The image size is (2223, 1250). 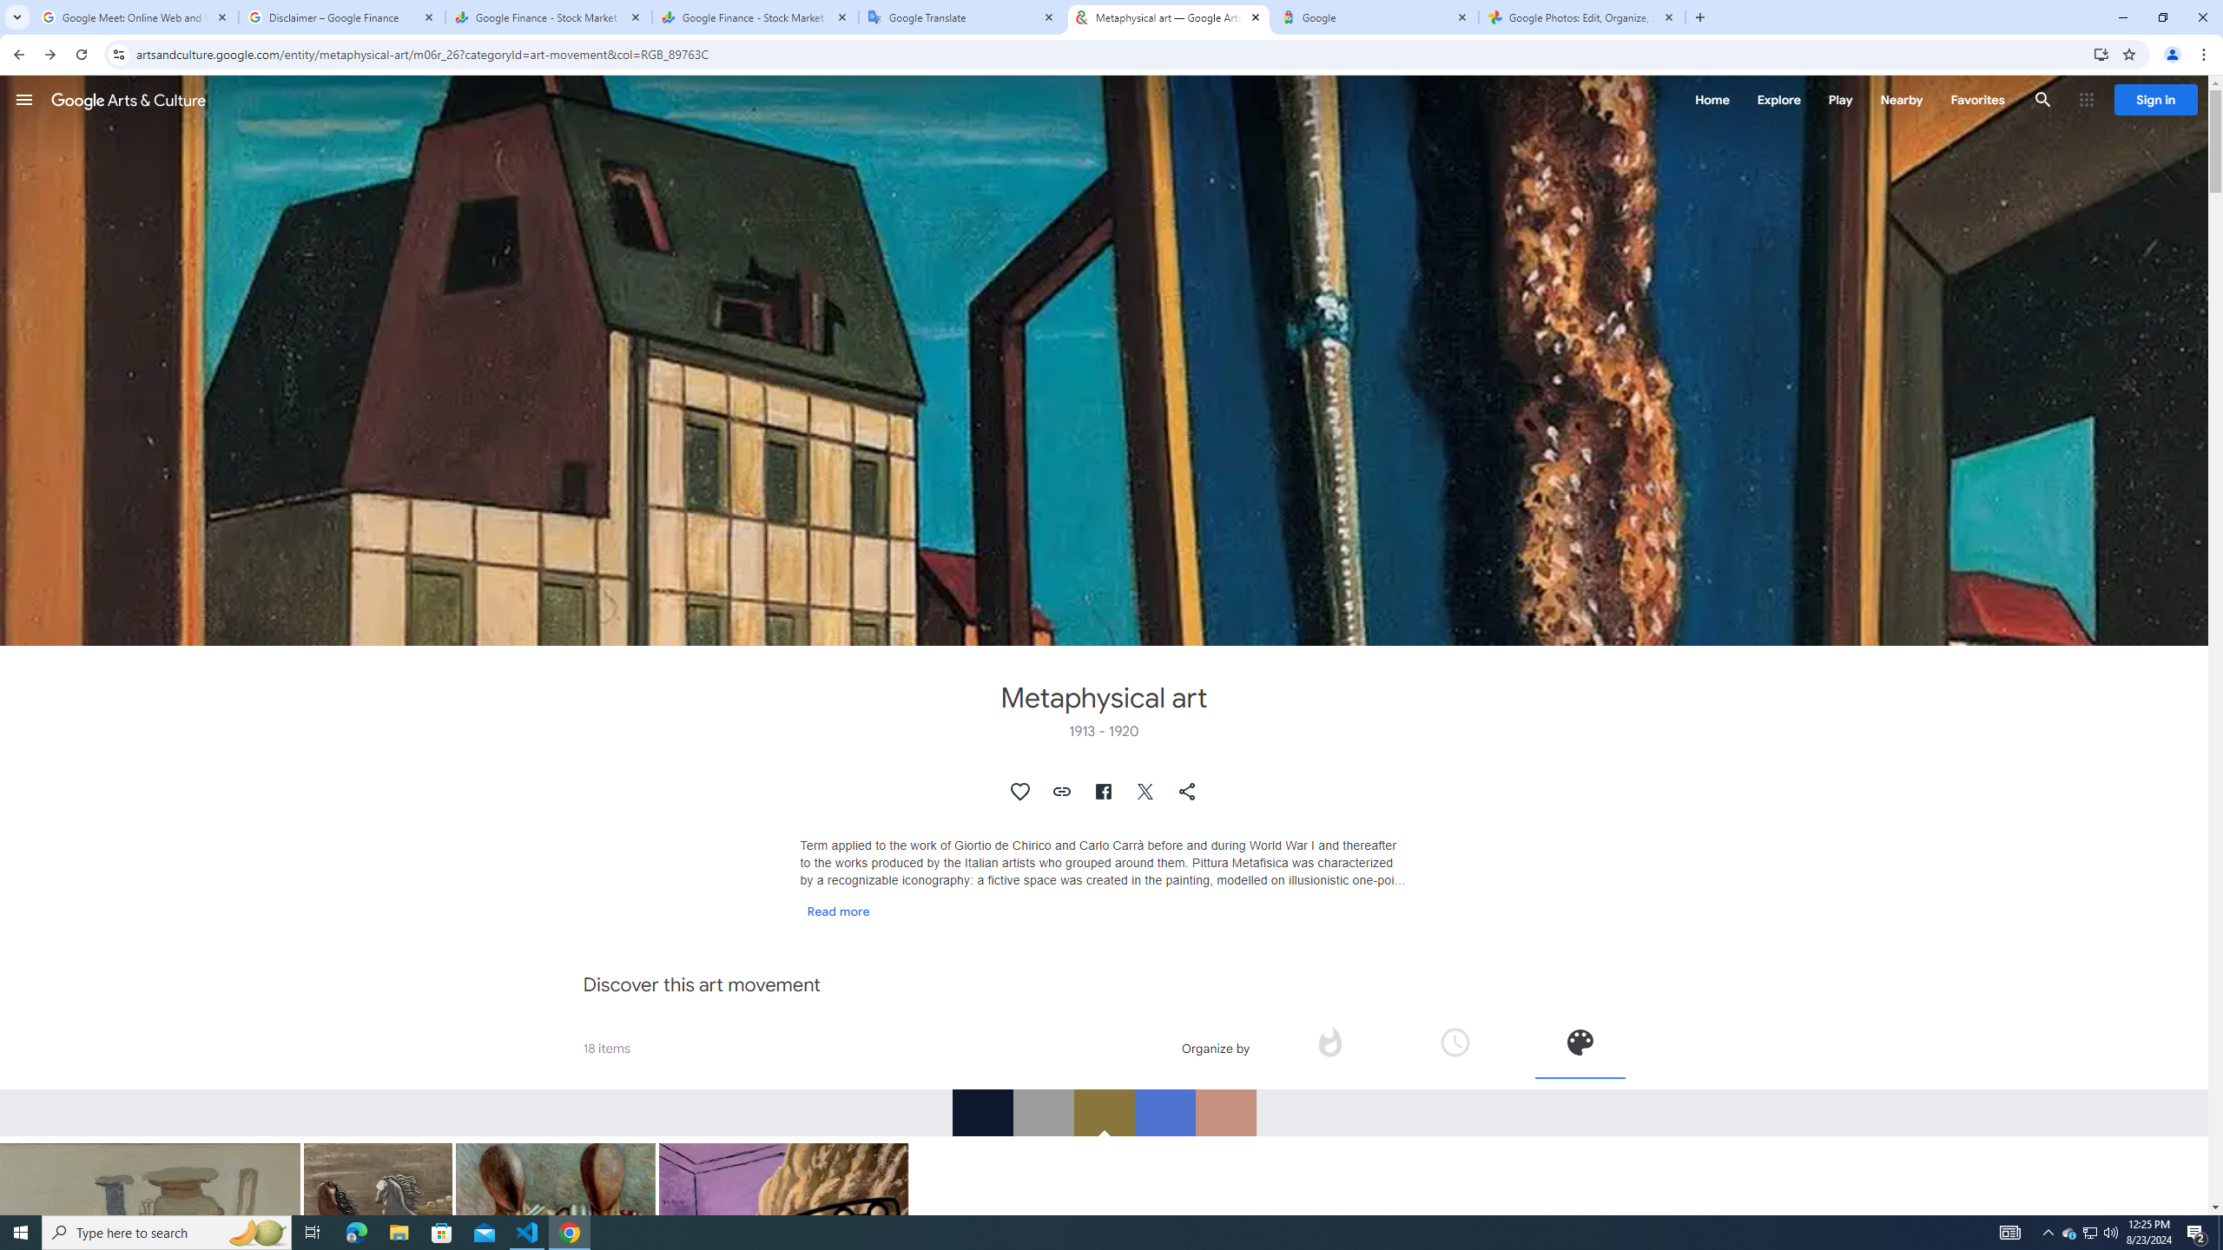 I want to click on 'Still life', so click(x=151, y=1250).